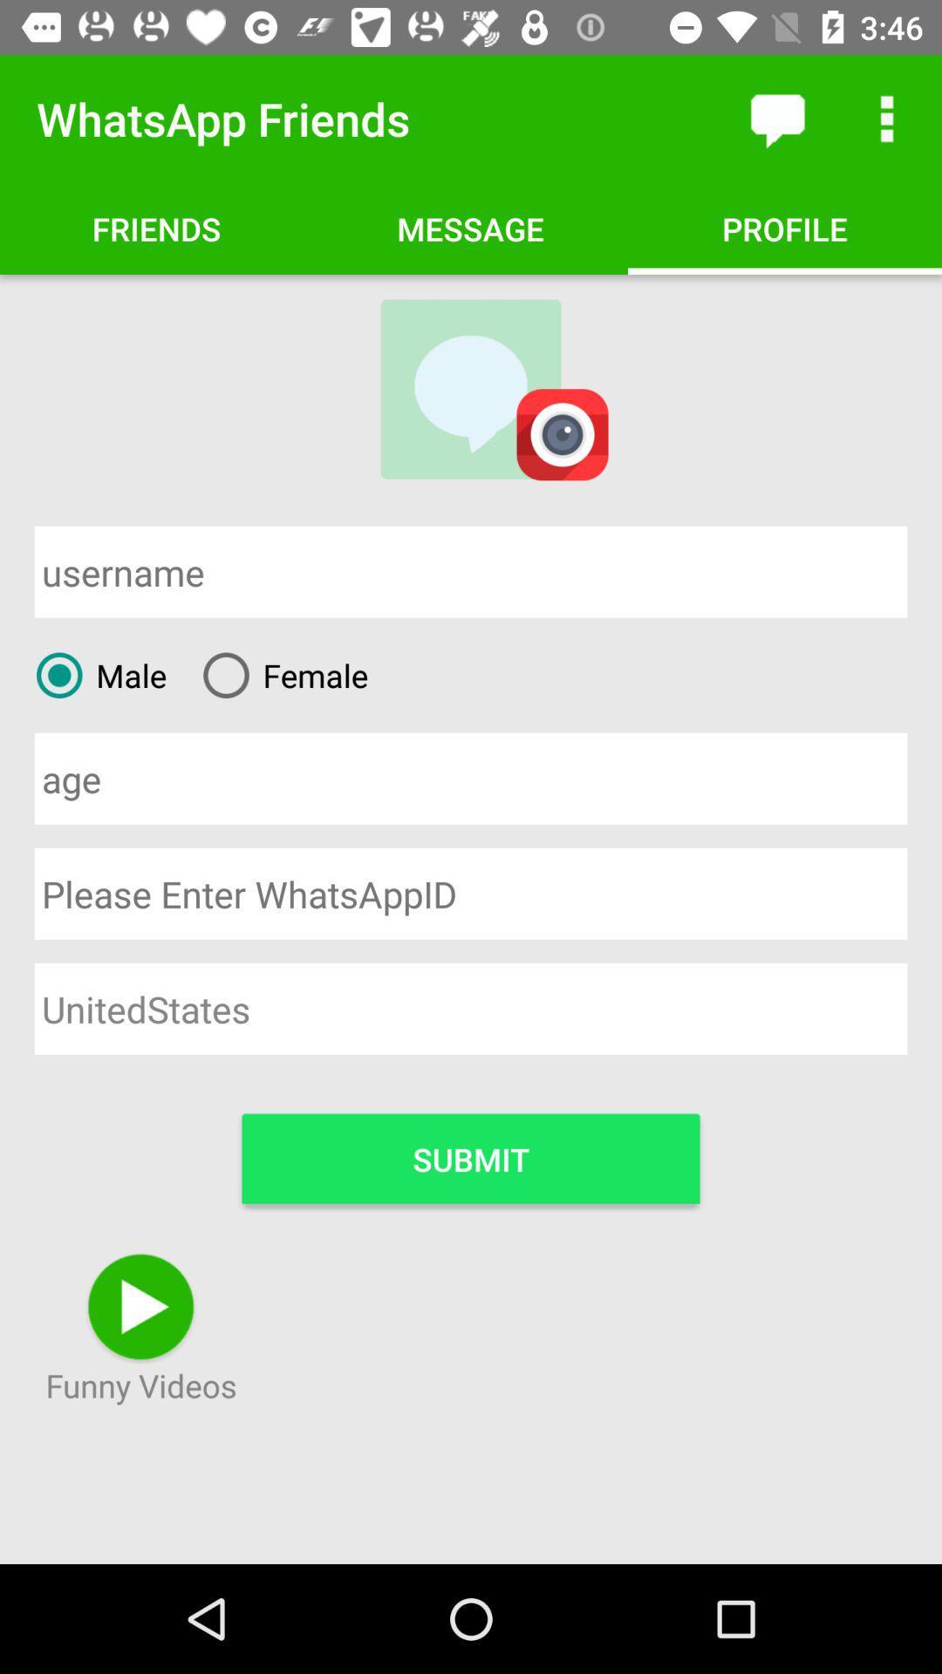  What do you see at coordinates (471, 1009) in the screenshot?
I see `the unitedstates icon` at bounding box center [471, 1009].